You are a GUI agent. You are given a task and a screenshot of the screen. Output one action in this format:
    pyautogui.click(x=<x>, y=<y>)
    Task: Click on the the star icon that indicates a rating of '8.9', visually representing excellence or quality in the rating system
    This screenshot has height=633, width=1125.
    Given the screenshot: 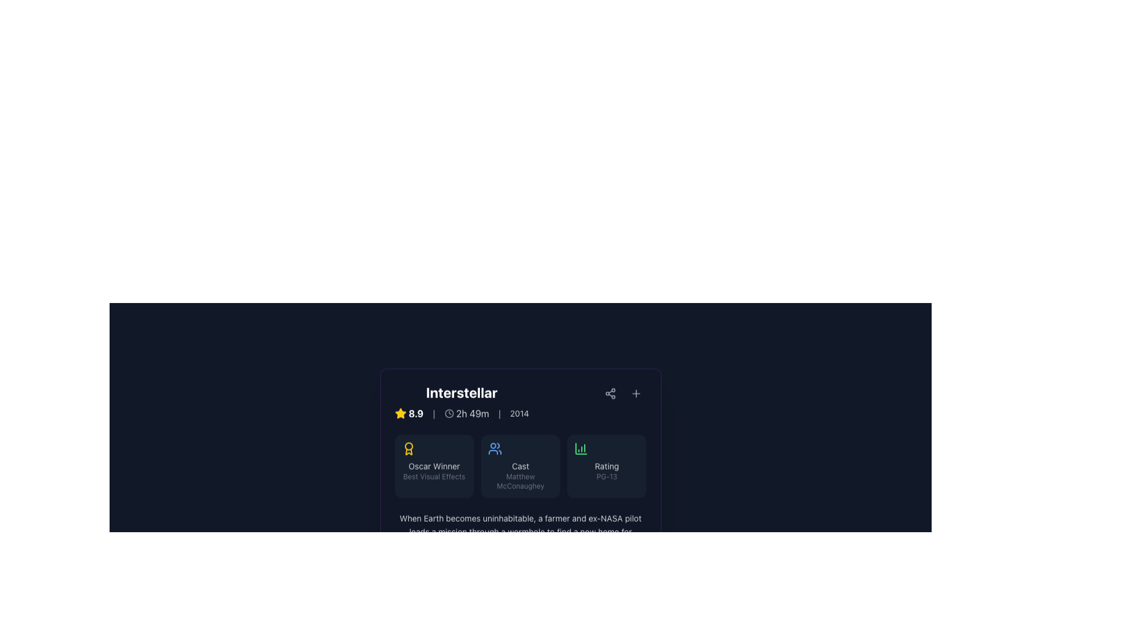 What is the action you would take?
    pyautogui.click(x=400, y=413)
    